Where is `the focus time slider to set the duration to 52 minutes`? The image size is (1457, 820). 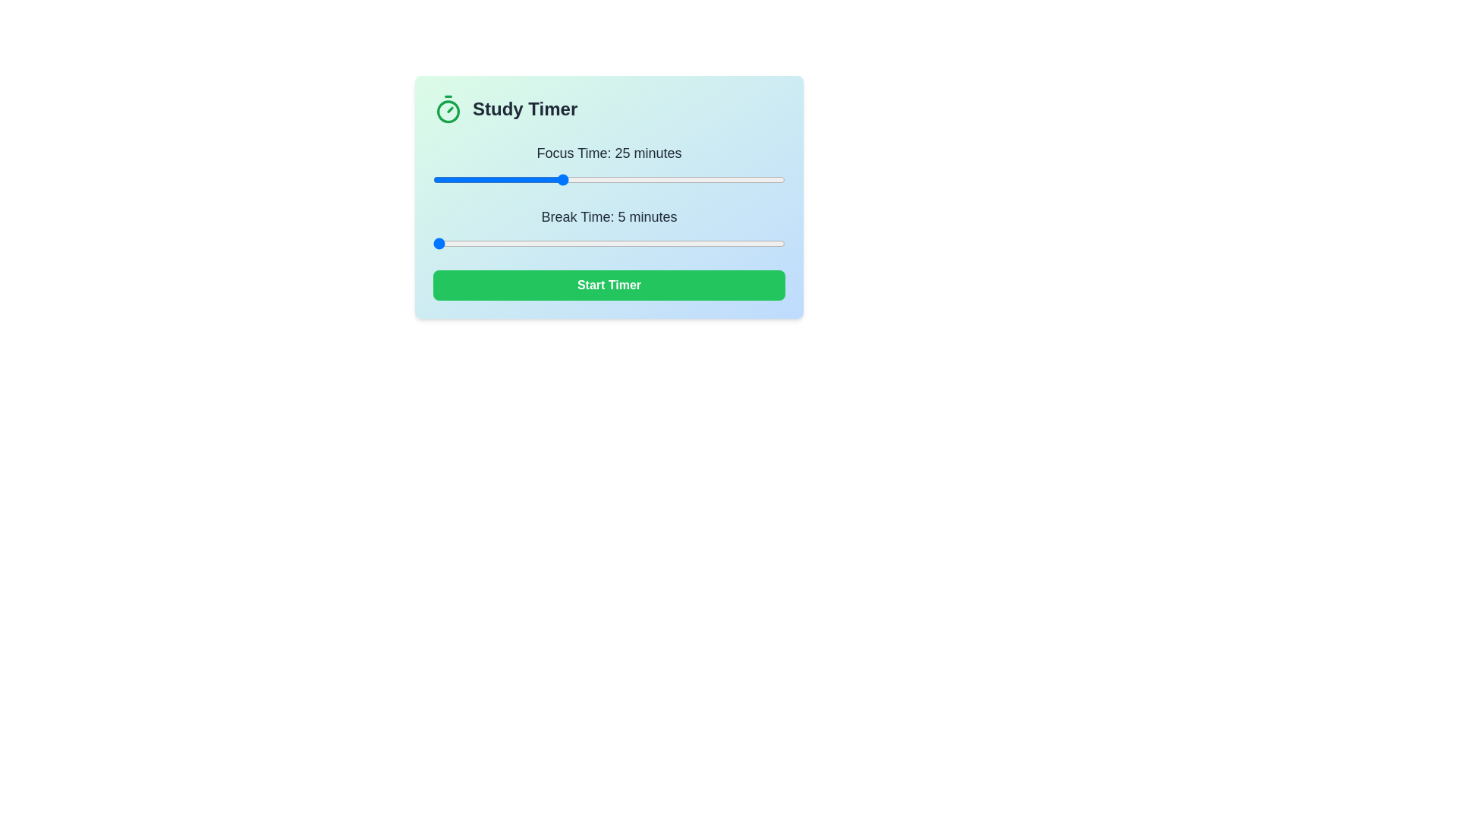 the focus time slider to set the duration to 52 minutes is located at coordinates (734, 178).